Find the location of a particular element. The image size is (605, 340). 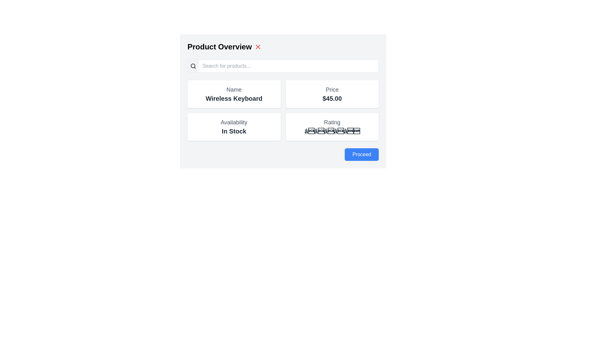

displayed rating from the Rating display located in the bottom row of the right half of the two-column grid layout, directly under the 'Price' card is located at coordinates (332, 127).